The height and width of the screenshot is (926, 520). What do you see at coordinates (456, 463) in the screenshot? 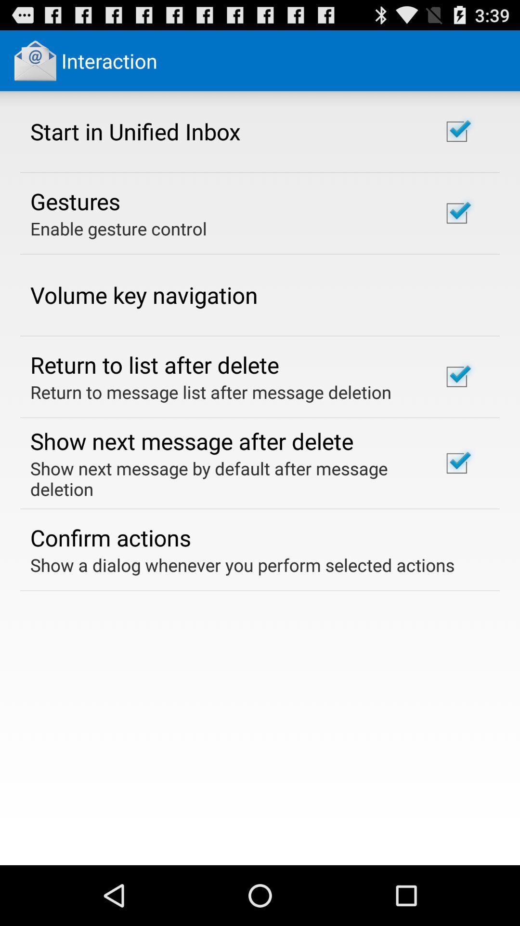
I see `the last select button of the page` at bounding box center [456, 463].